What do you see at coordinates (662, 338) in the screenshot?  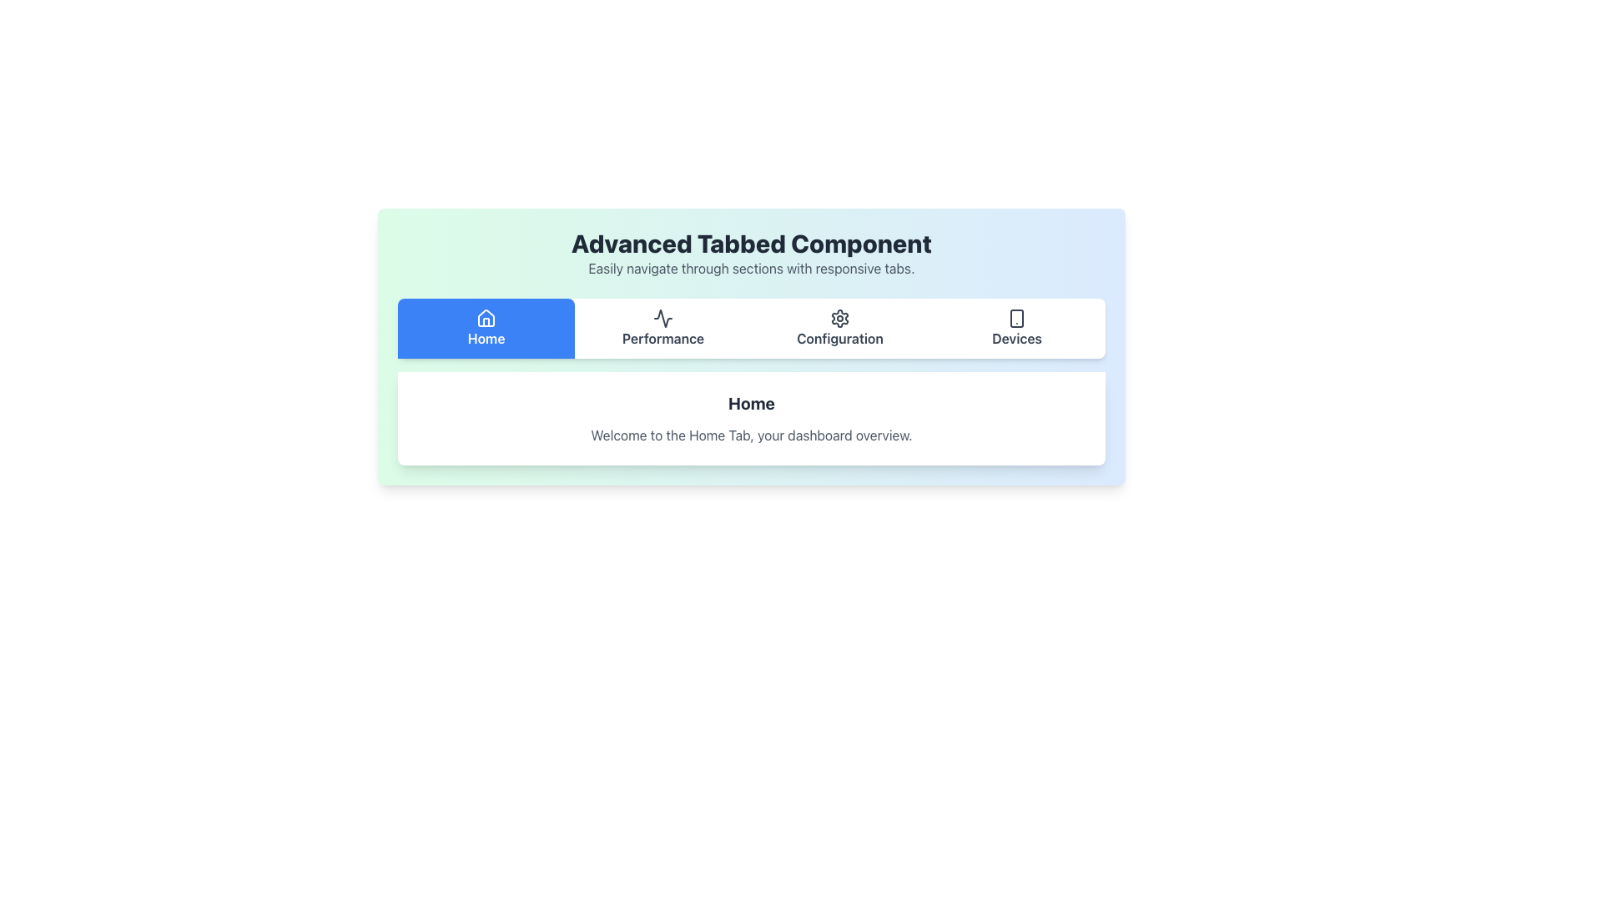 I see `the 'Performance' text label element located in the main navigation bar, which is styled in a regular sans-serif font and is adjacent to a small heartbeat icon` at bounding box center [662, 338].